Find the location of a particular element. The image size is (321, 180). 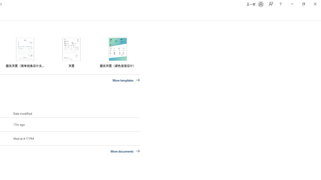

'More documents' is located at coordinates (125, 151).